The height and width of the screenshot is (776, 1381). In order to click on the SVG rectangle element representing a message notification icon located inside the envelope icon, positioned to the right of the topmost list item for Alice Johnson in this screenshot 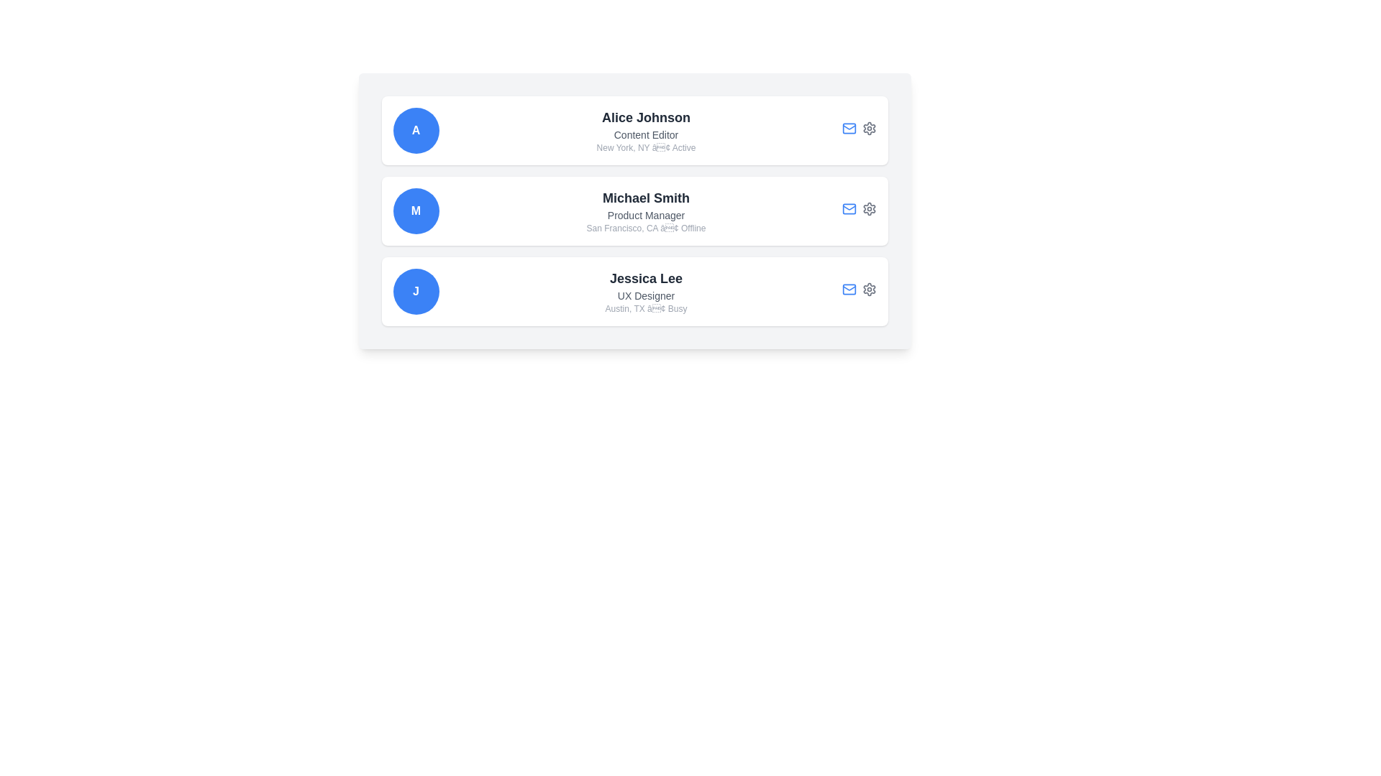, I will do `click(849, 127)`.